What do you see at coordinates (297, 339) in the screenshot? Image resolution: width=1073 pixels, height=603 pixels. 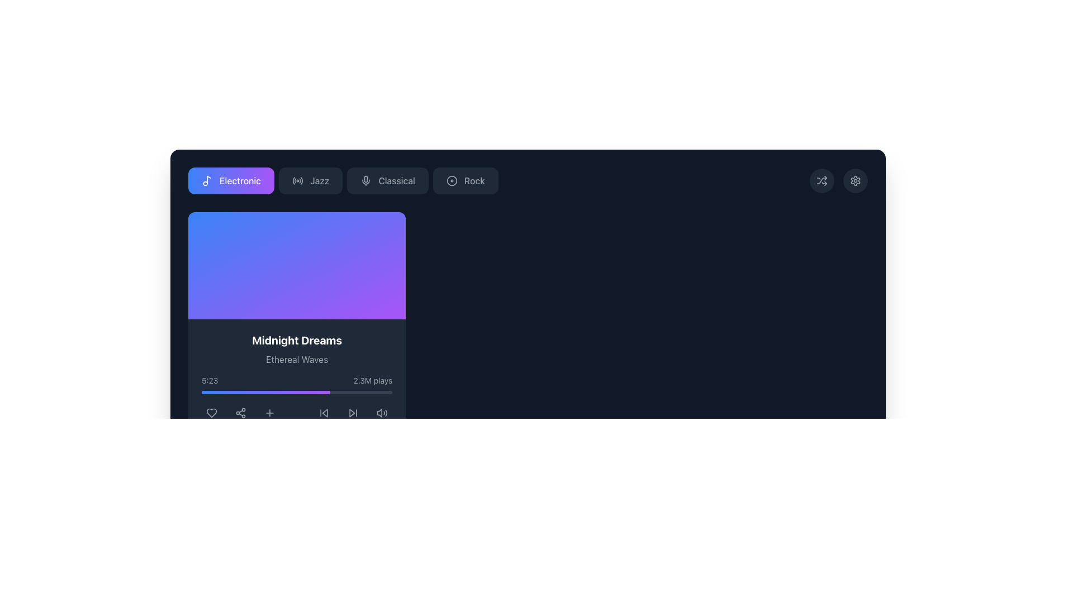 I see `the text label displaying 'Midnight Dreams' in bold, white font, which serves as a header for the associated content section` at bounding box center [297, 339].